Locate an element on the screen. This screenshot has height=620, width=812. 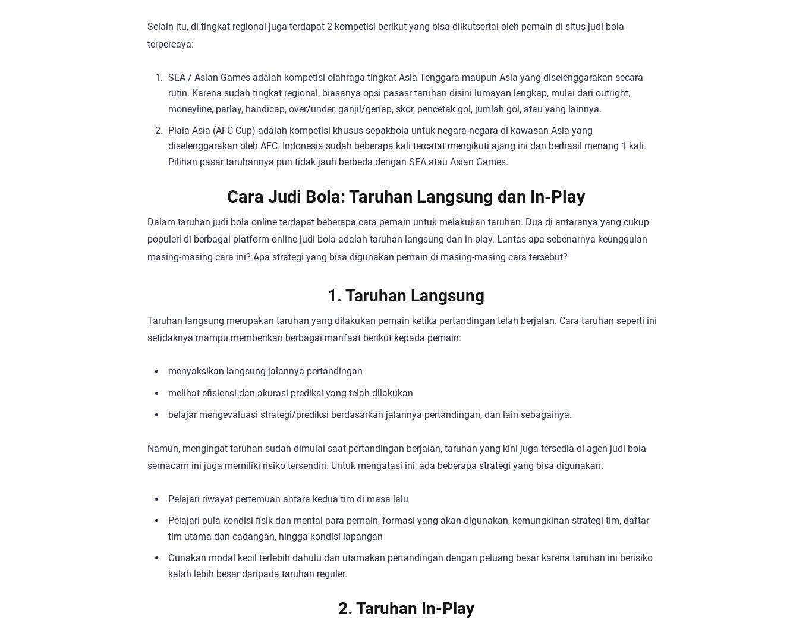
'menyaksikan langsung jalannya pertandingan' is located at coordinates (265, 370).